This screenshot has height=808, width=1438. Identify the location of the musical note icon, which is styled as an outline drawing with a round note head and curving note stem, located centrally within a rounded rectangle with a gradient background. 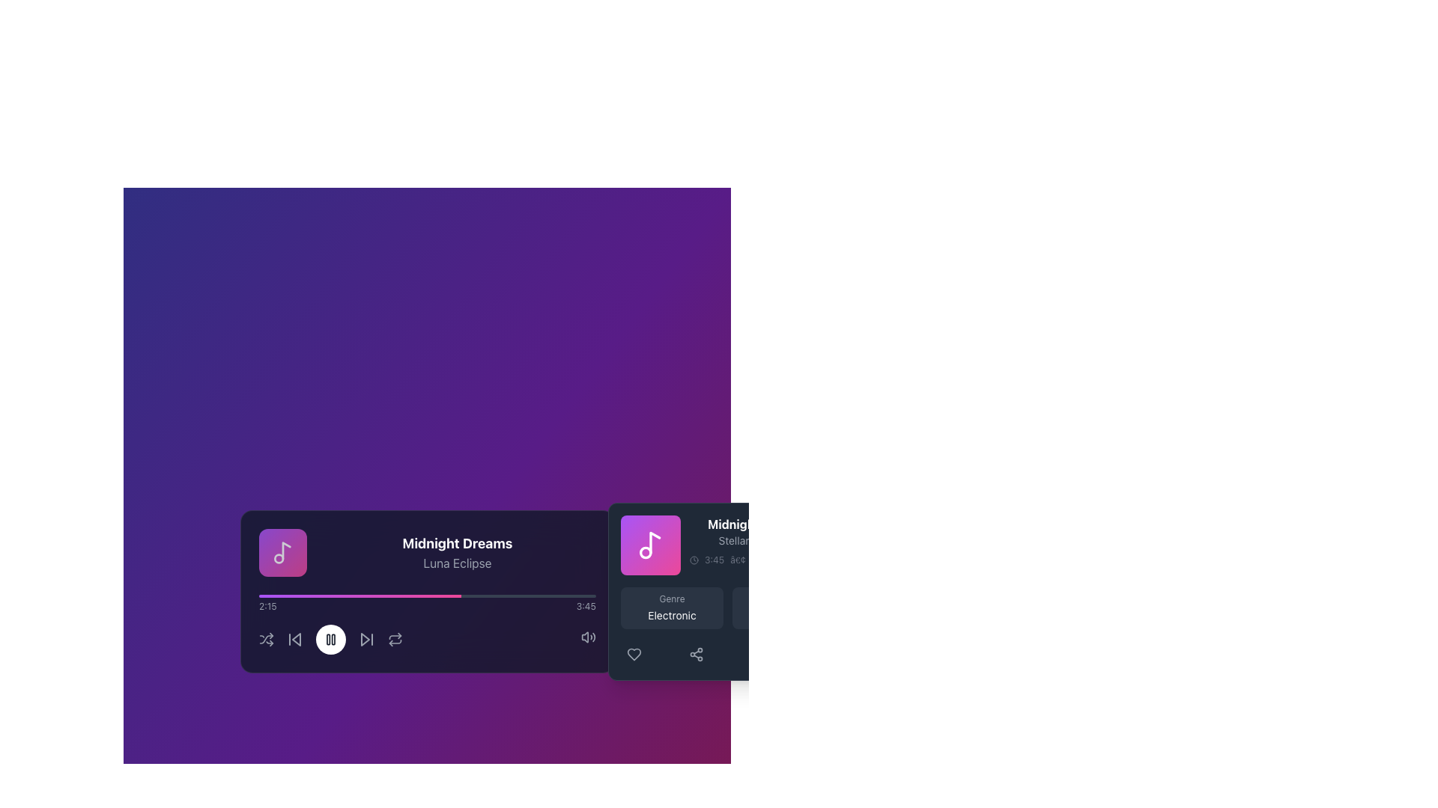
(282, 553).